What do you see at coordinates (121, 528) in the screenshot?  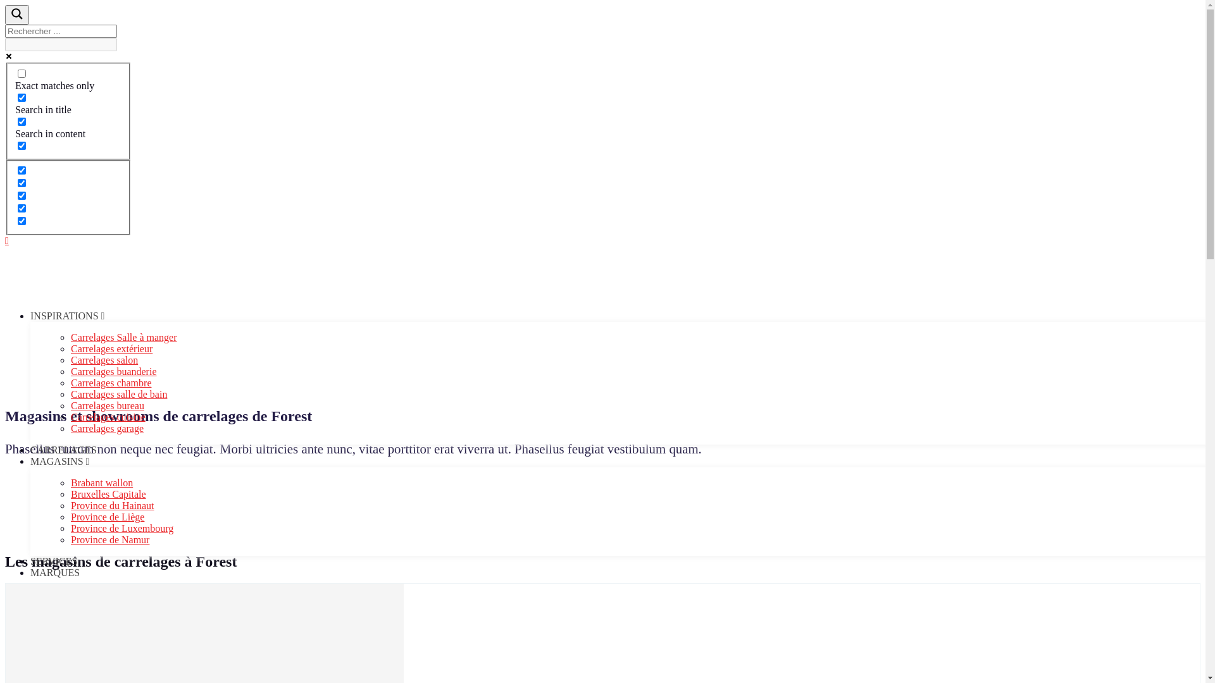 I see `'Province de Luxembourg'` at bounding box center [121, 528].